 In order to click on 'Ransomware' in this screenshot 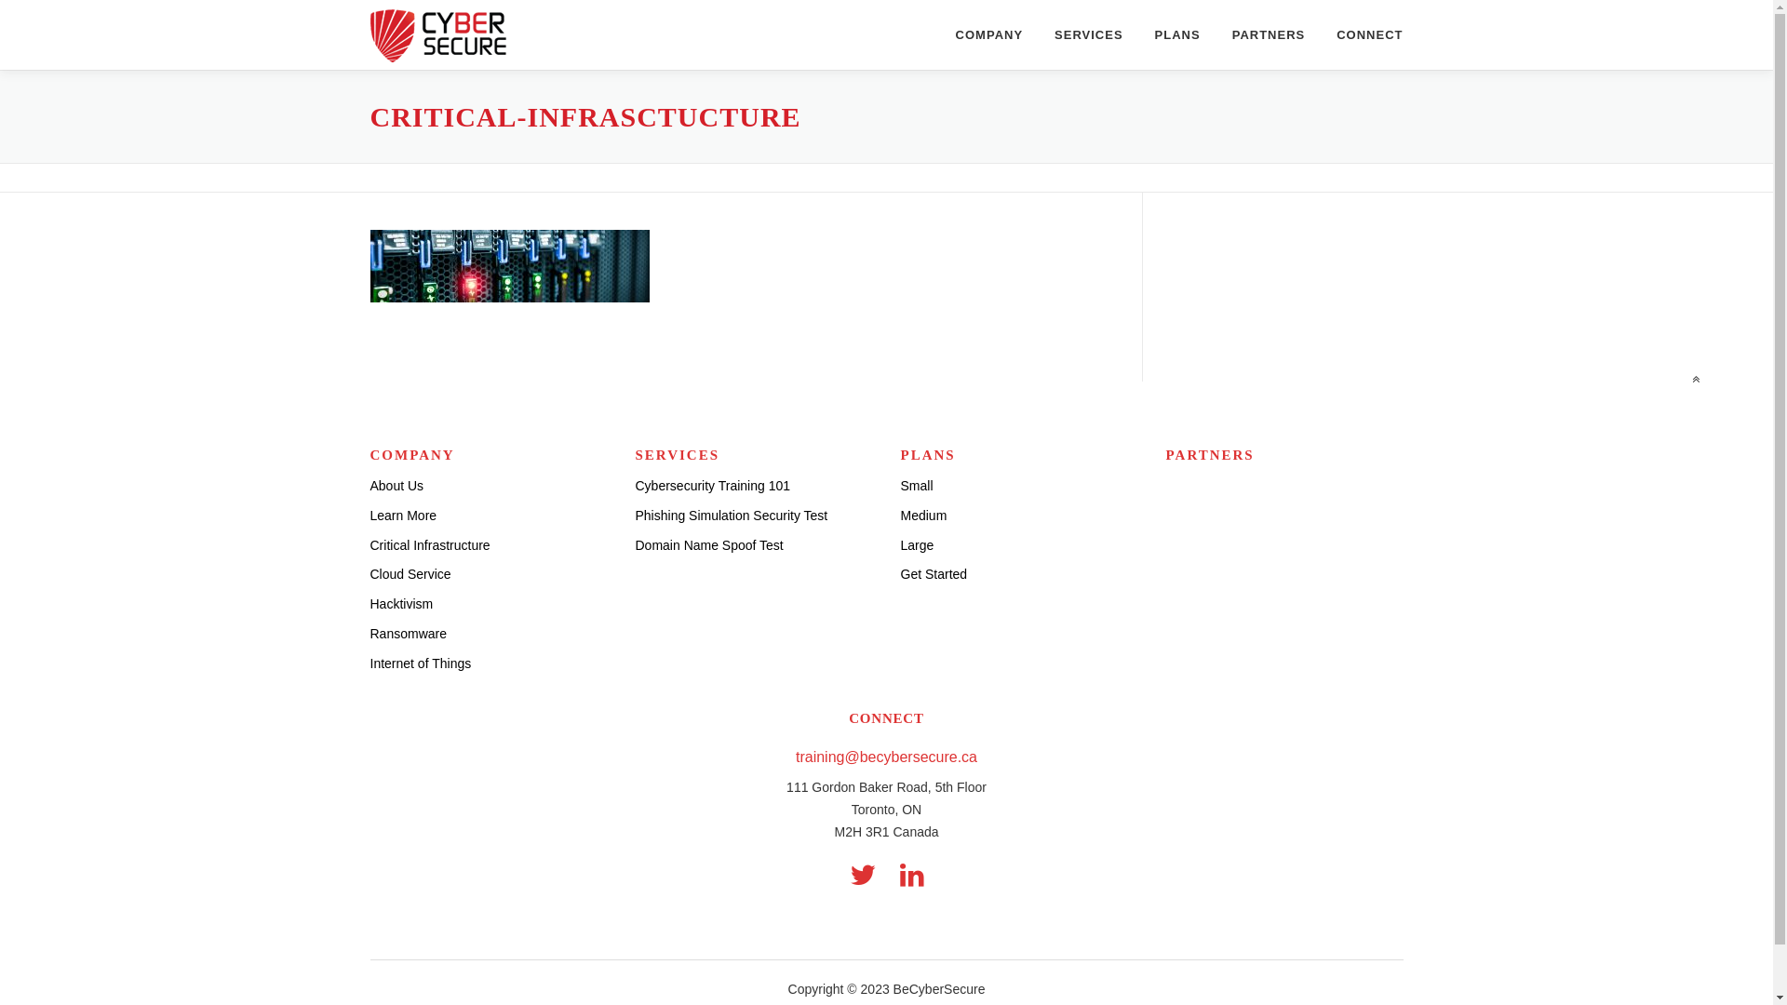, I will do `click(370, 633)`.